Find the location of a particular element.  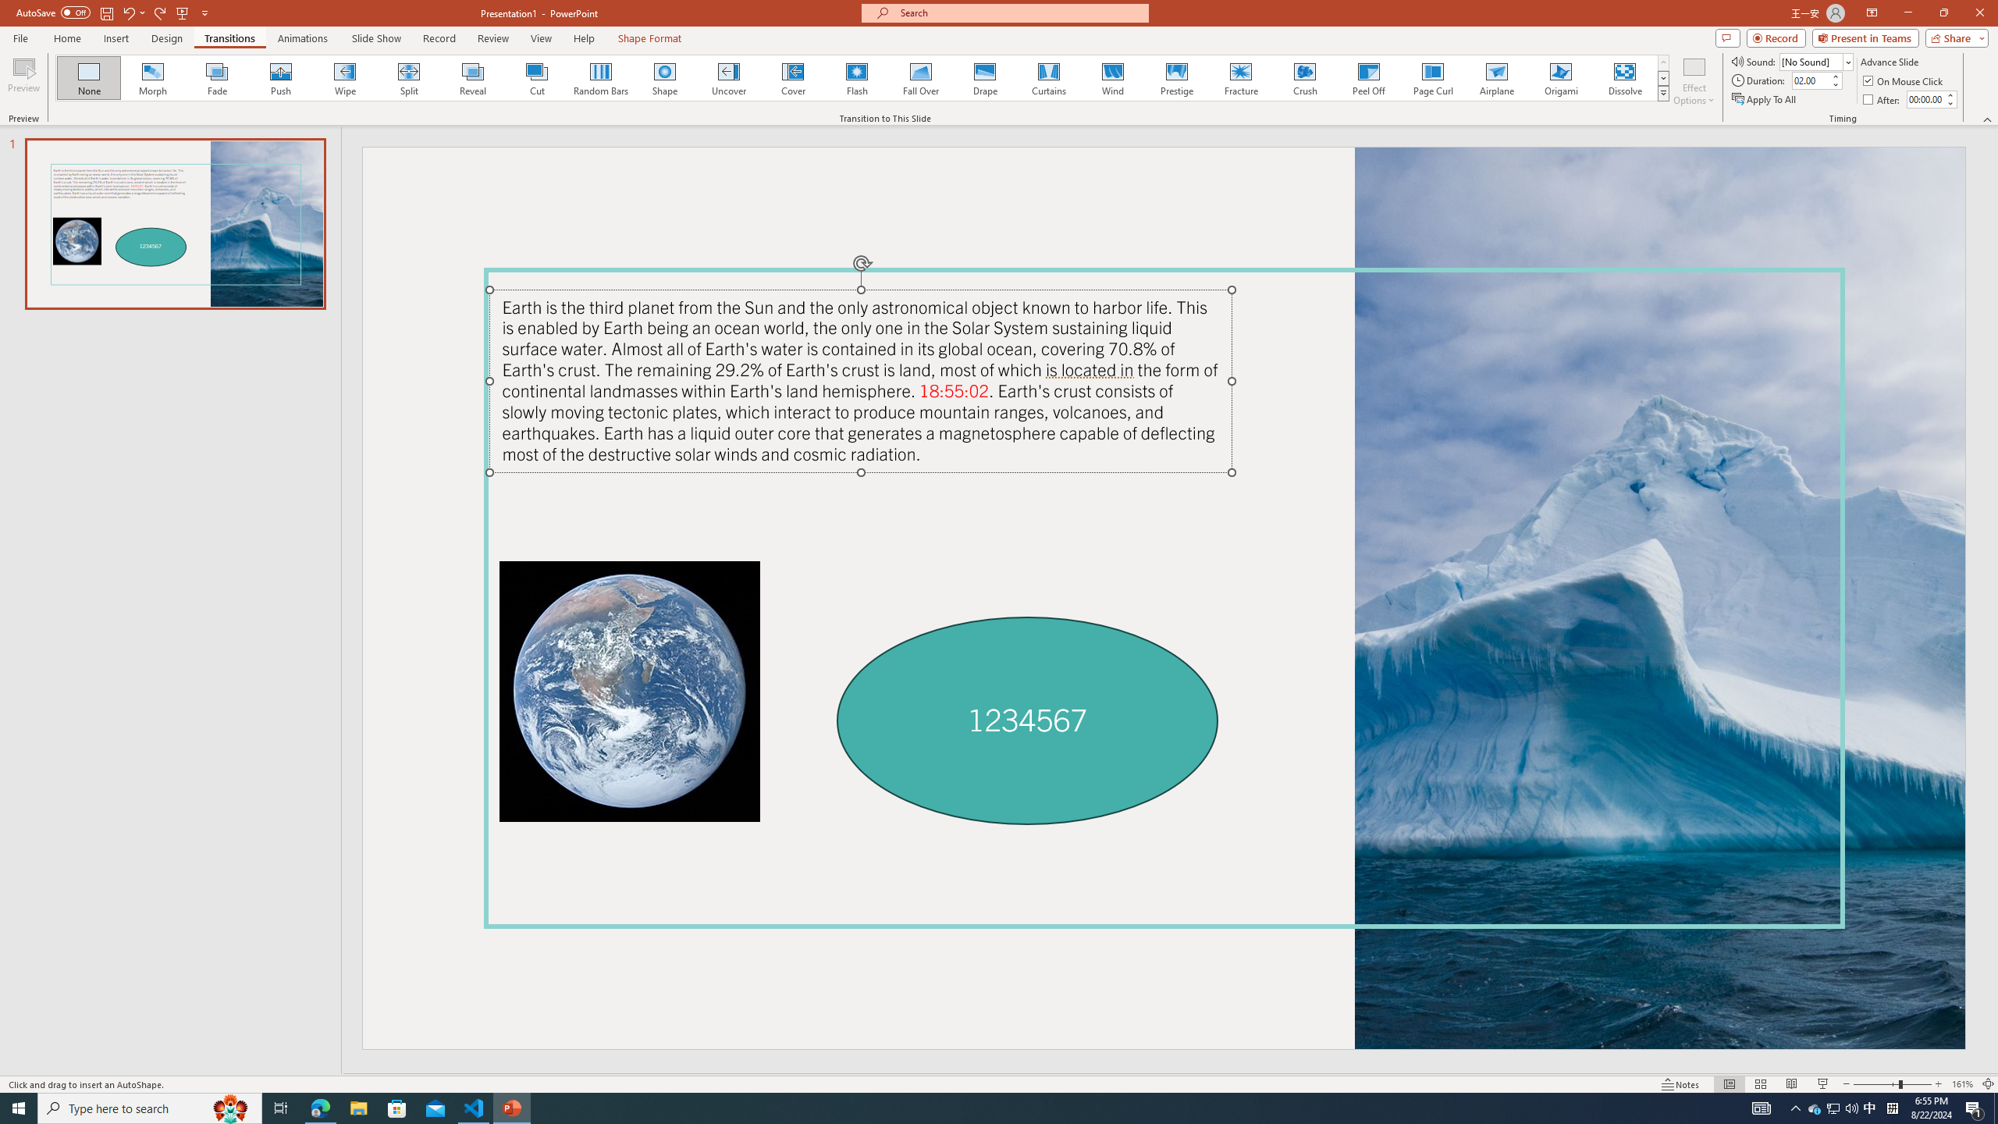

'Drape' is located at coordinates (984, 77).